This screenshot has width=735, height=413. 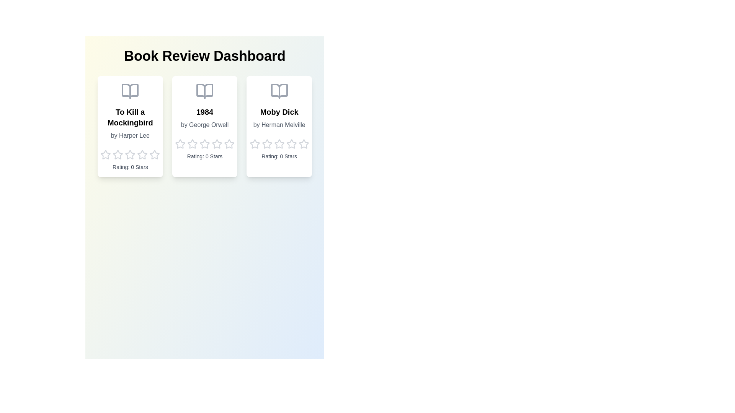 I want to click on the star icon corresponding to the rating 5 for the book 2, so click(x=229, y=144).